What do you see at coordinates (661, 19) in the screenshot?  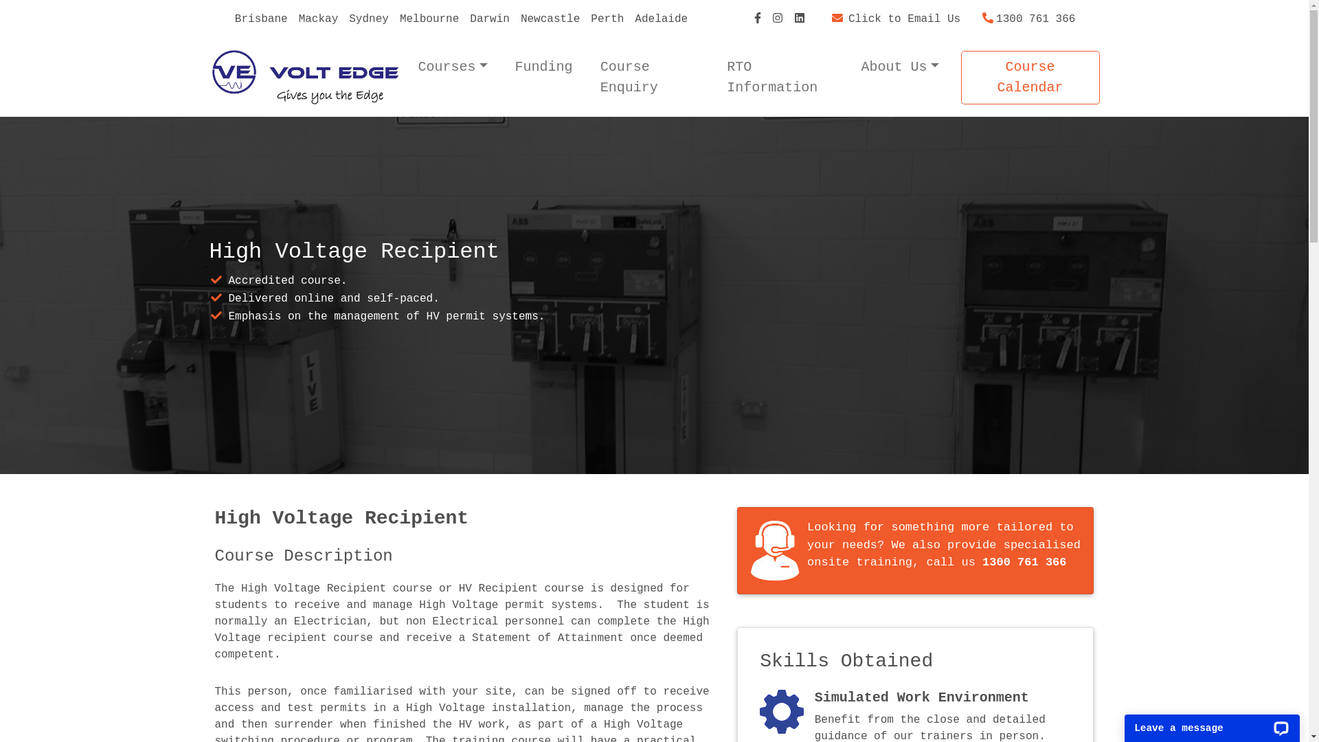 I see `'Adelaide'` at bounding box center [661, 19].